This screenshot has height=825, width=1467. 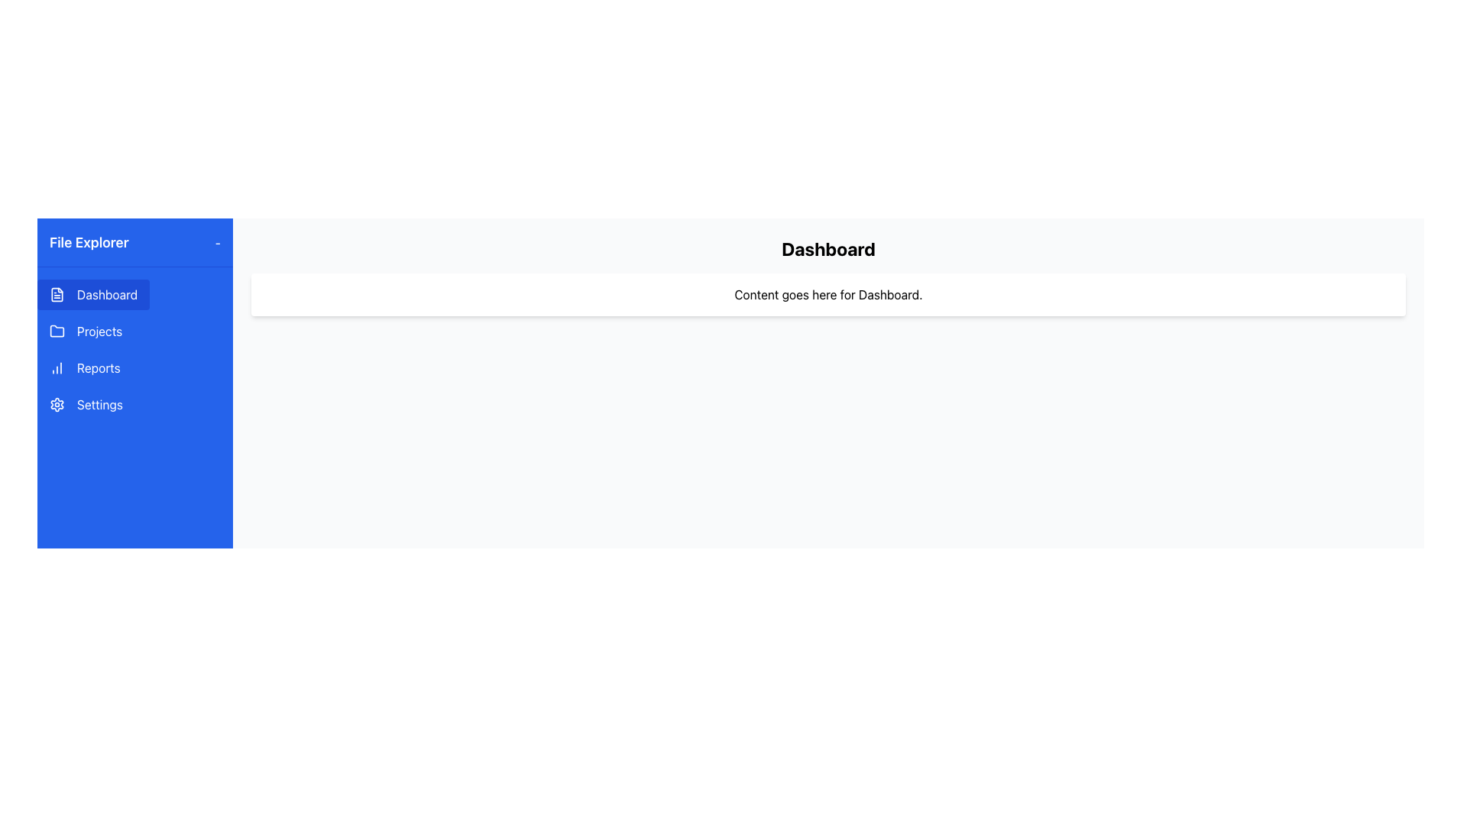 What do you see at coordinates (85, 403) in the screenshot?
I see `the button located in the fourth position of the vertical navigation menu in the left sidebar` at bounding box center [85, 403].